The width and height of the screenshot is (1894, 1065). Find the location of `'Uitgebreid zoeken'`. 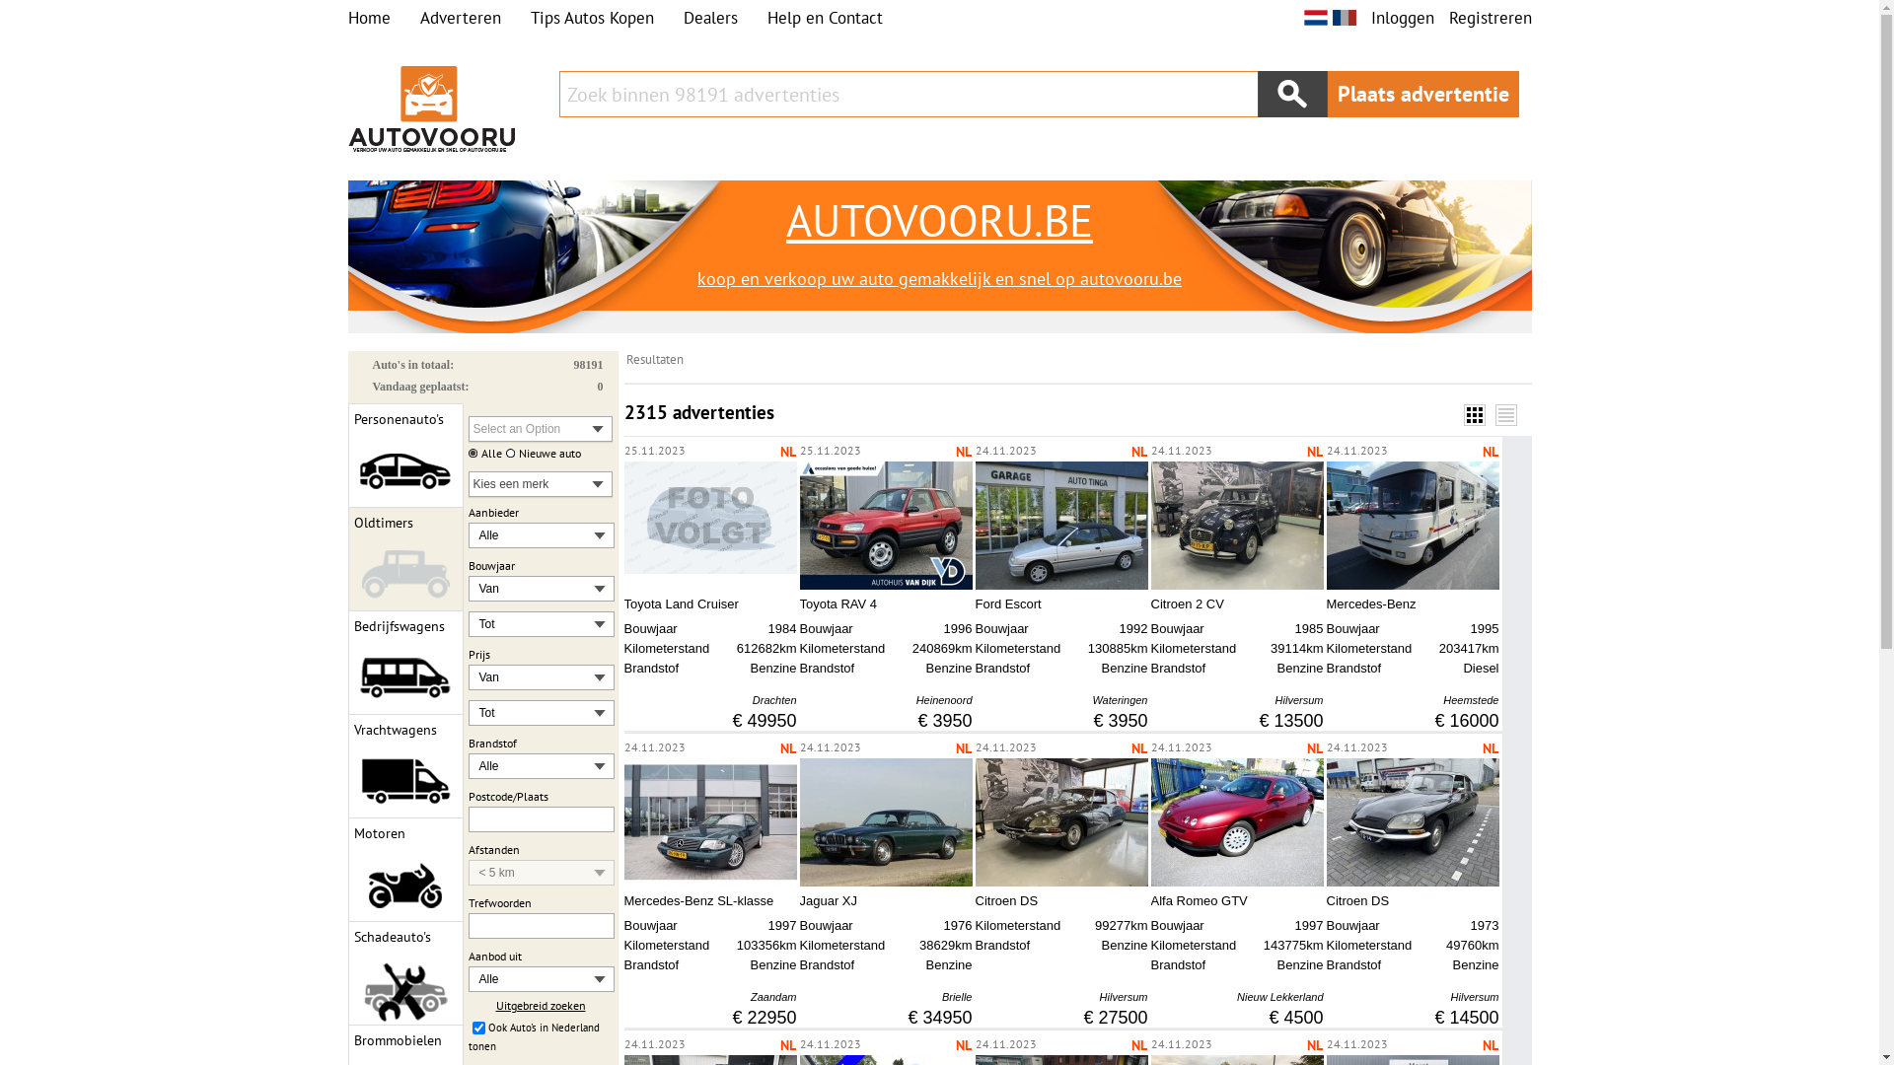

'Uitgebreid zoeken' is located at coordinates (540, 1005).